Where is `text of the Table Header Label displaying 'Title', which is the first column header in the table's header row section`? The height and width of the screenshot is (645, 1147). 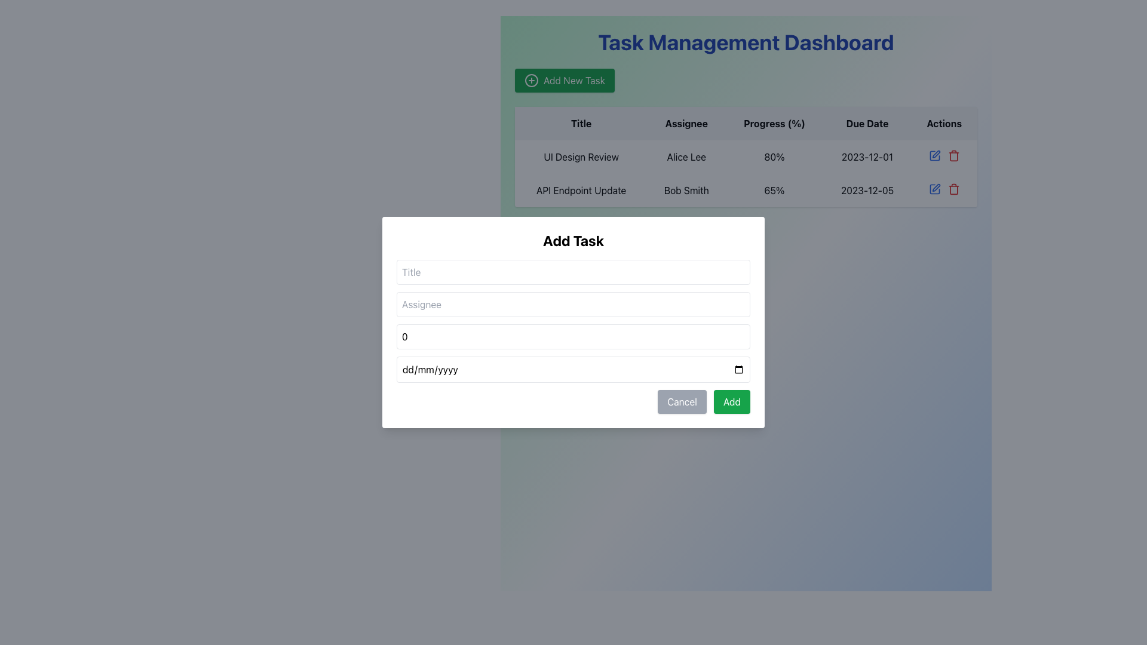 text of the Table Header Label displaying 'Title', which is the first column header in the table's header row section is located at coordinates (581, 124).